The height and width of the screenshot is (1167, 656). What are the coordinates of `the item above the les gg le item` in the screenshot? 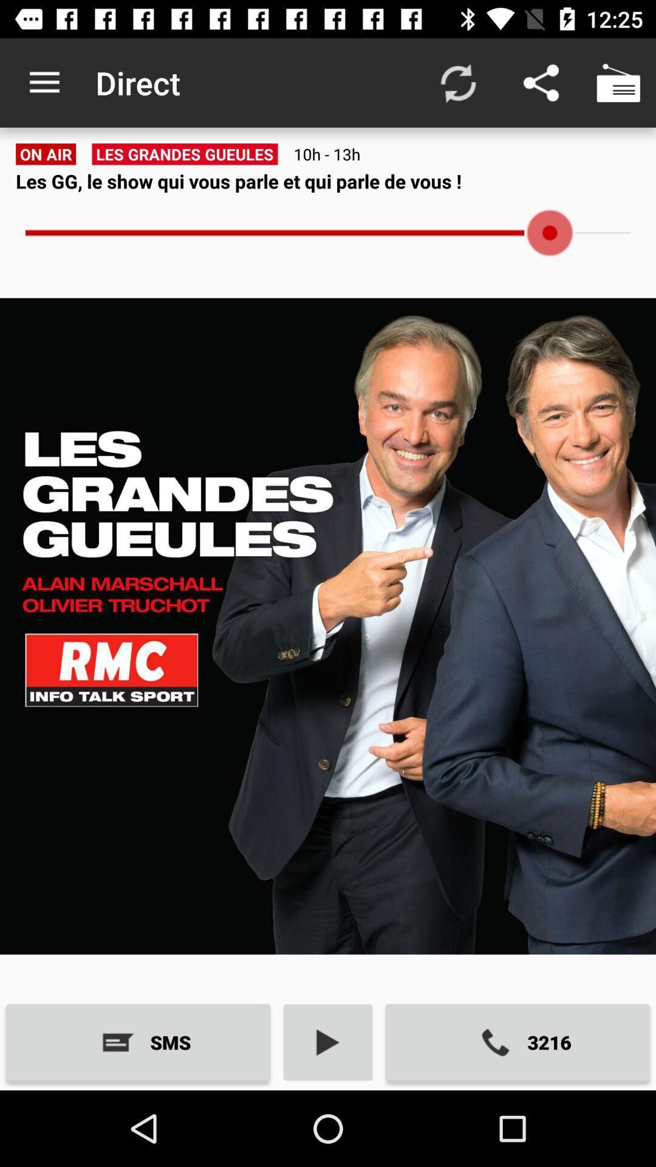 It's located at (618, 82).